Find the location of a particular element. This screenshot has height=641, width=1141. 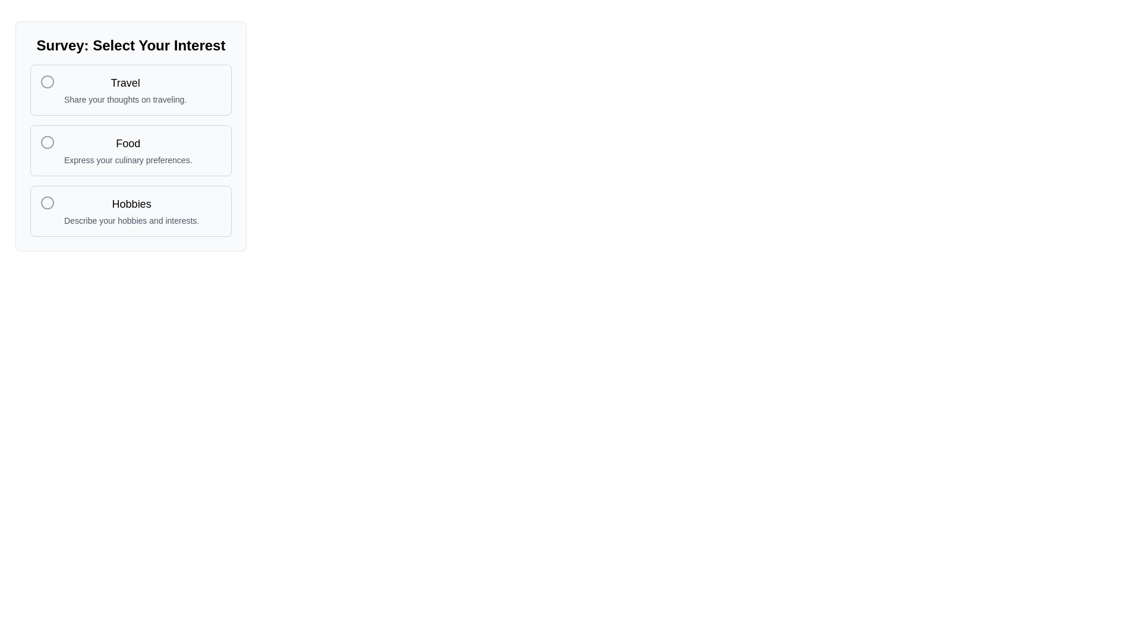

the radio button for the 'Hobbies' section in the multiple-choice survey interface is located at coordinates (48, 202).